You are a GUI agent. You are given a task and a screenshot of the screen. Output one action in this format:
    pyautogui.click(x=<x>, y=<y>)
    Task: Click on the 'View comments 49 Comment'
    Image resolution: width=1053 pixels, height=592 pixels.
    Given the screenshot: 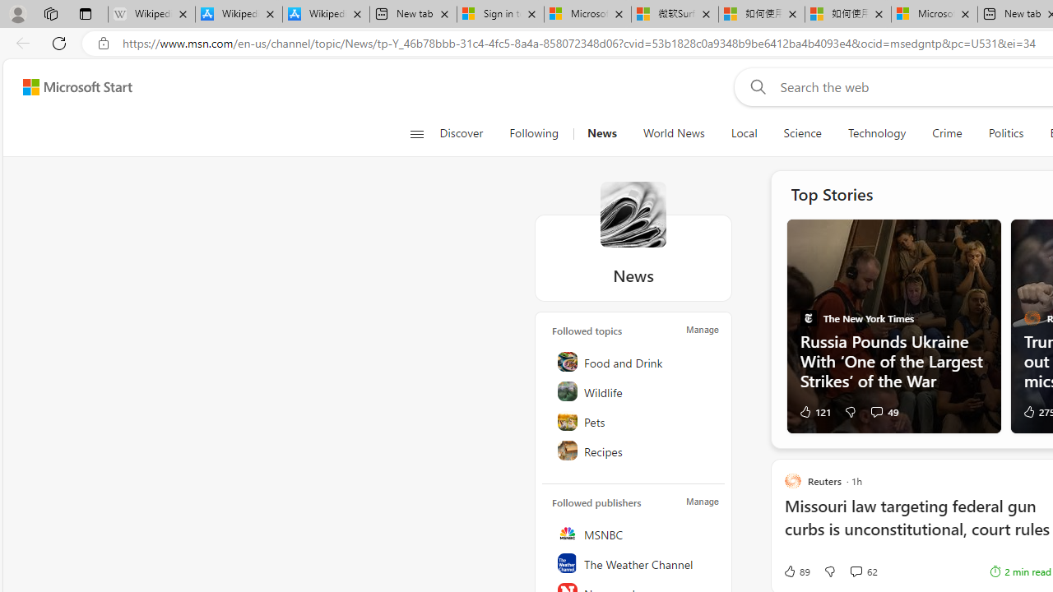 What is the action you would take?
    pyautogui.click(x=875, y=410)
    